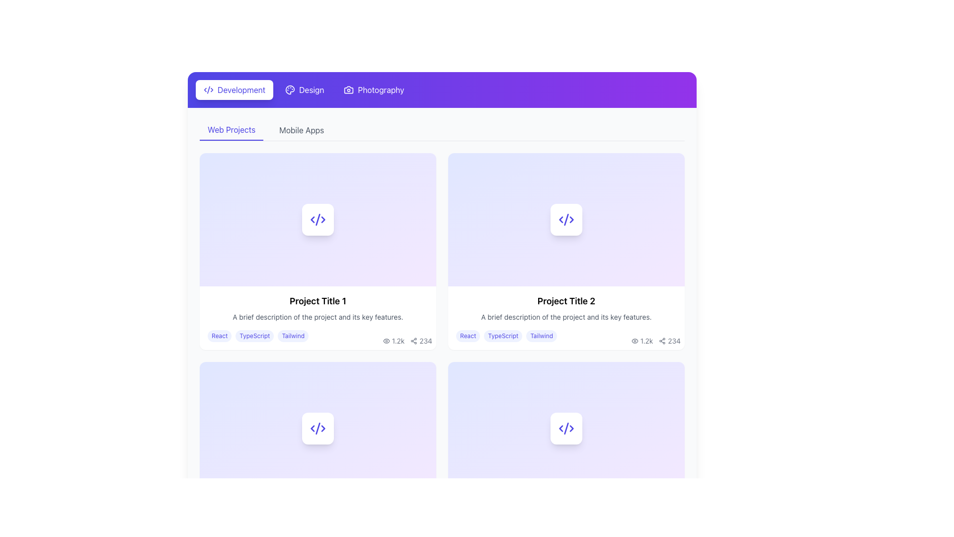 Image resolution: width=954 pixels, height=537 pixels. I want to click on the 'Development' static text label located in the navigation bar, so click(241, 90).